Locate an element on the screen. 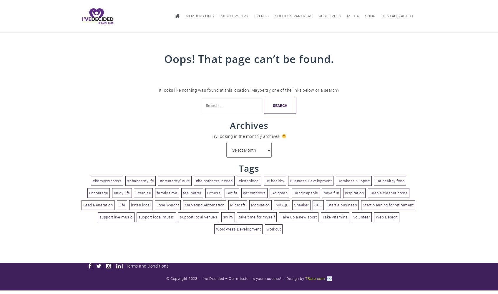  'Archives' is located at coordinates (249, 125).